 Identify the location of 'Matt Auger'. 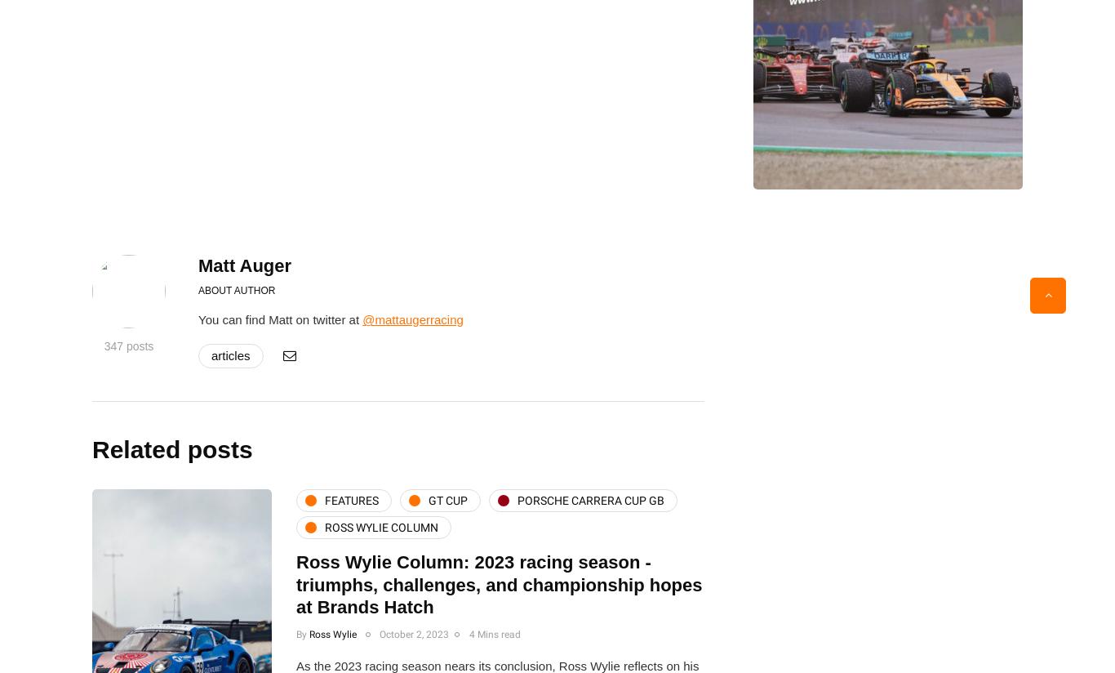
(244, 265).